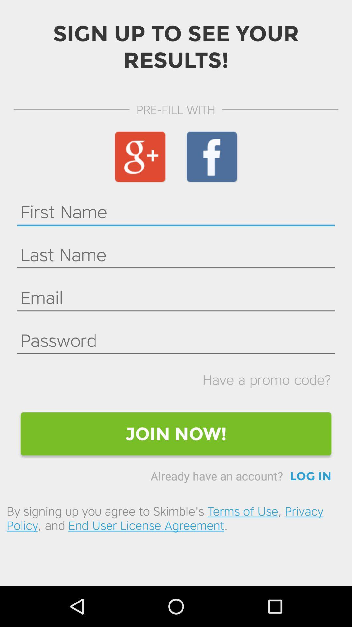 This screenshot has height=627, width=352. What do you see at coordinates (176, 518) in the screenshot?
I see `by signing up` at bounding box center [176, 518].